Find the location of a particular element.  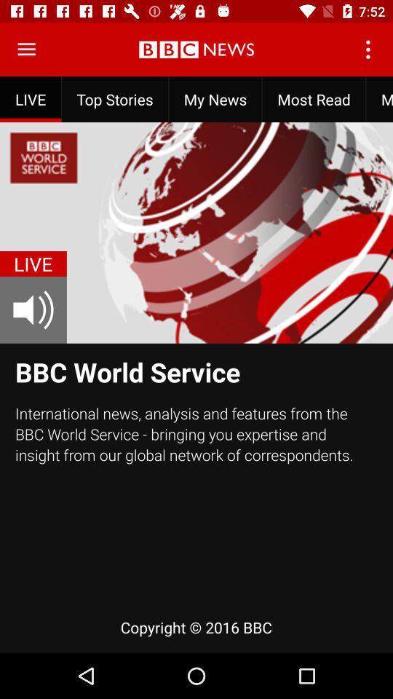

advertisement is located at coordinates (26, 50).